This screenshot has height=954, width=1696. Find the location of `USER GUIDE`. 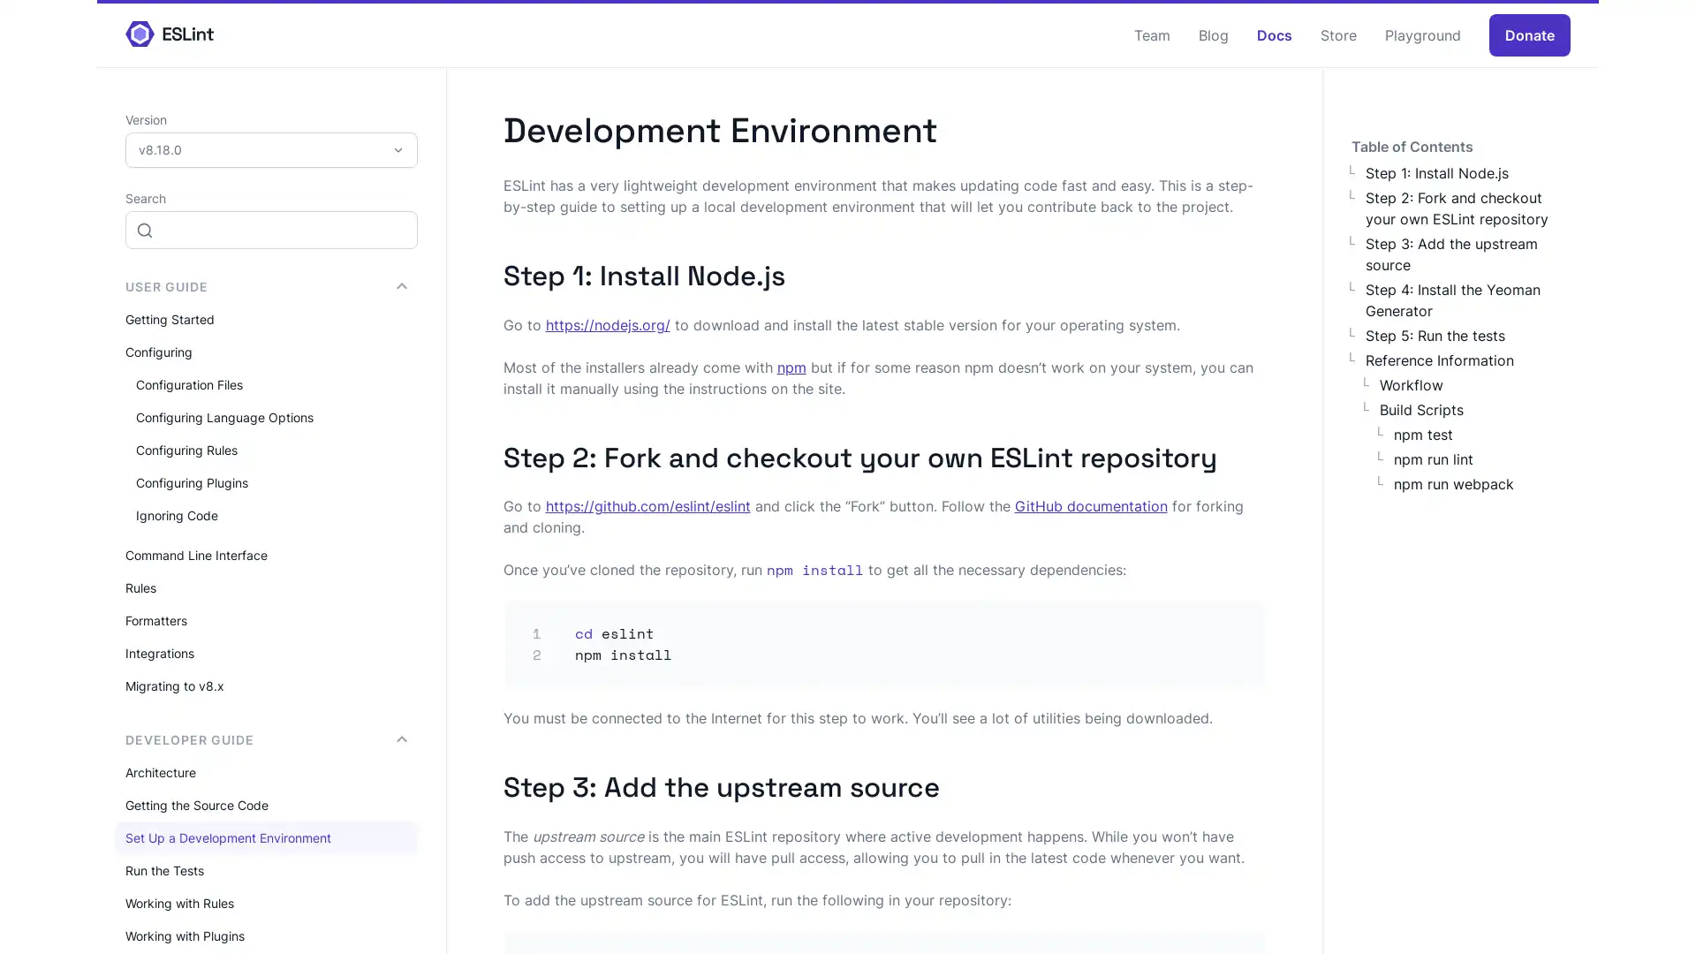

USER GUIDE is located at coordinates (265, 284).